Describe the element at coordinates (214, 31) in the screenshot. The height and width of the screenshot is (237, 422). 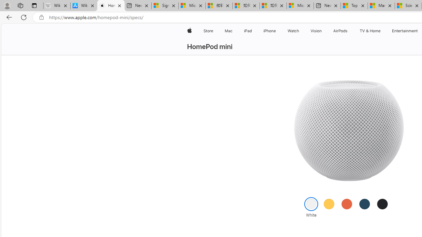
I see `'Store menu'` at that location.